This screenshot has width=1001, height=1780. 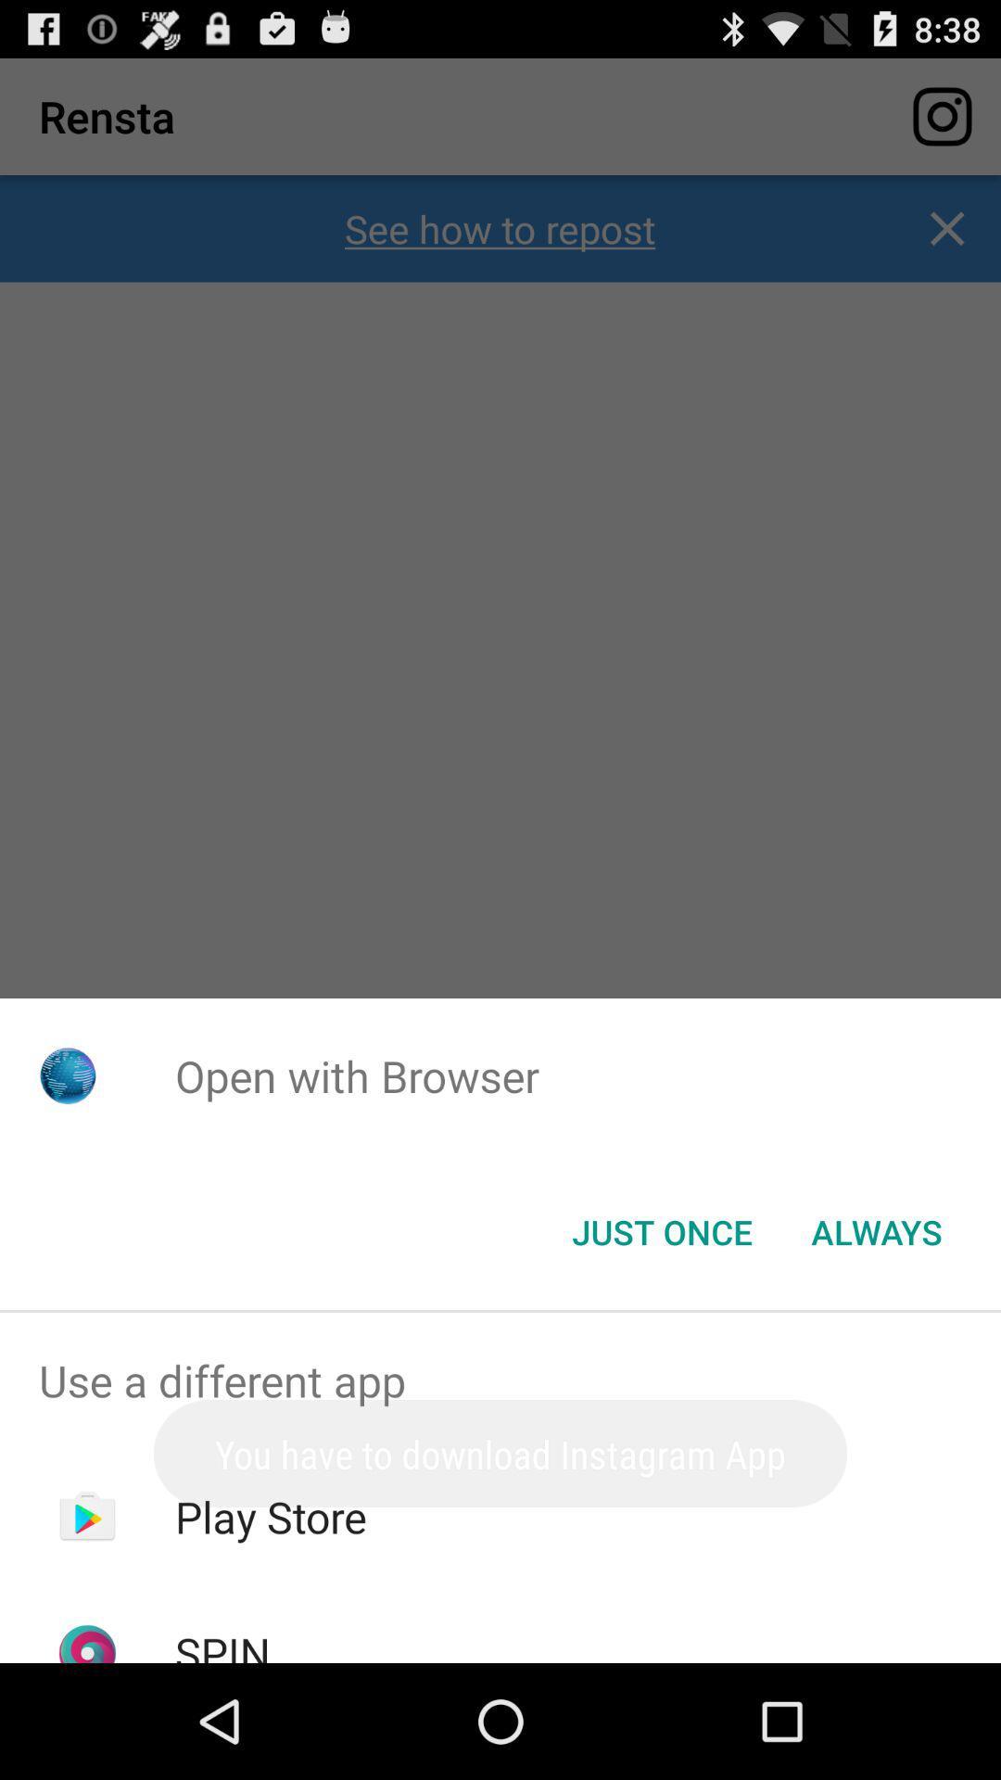 I want to click on the icon above the play store app, so click(x=500, y=1380).